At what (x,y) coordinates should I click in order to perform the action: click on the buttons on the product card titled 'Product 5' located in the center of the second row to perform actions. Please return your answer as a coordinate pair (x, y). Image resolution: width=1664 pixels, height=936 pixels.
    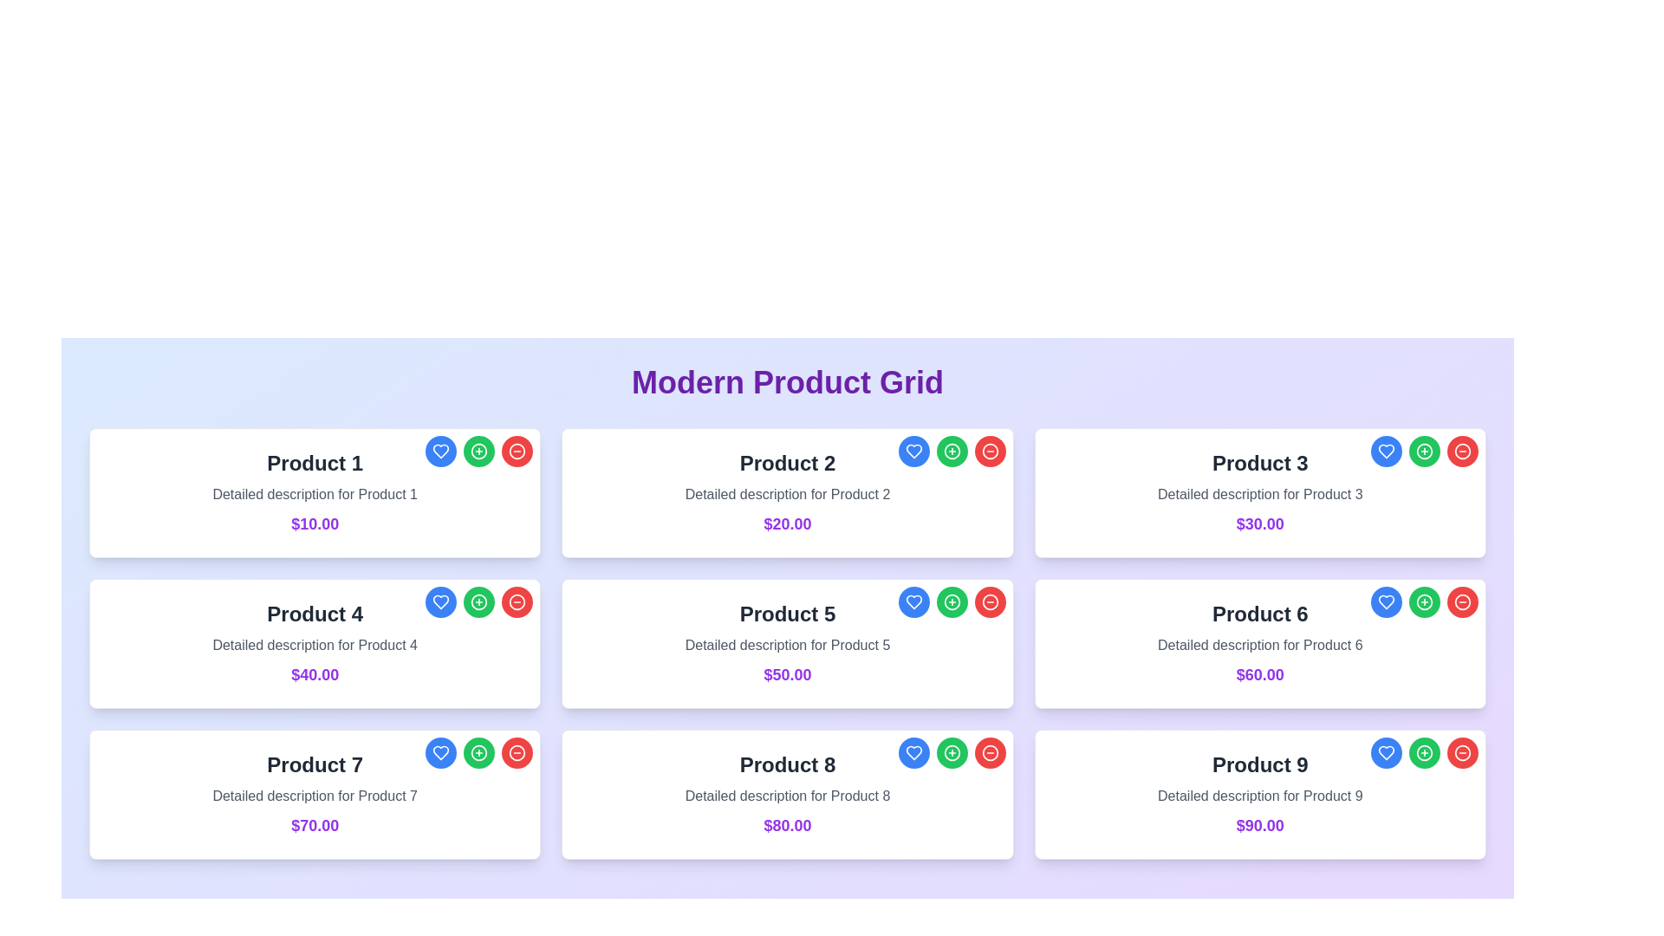
    Looking at the image, I should click on (786, 644).